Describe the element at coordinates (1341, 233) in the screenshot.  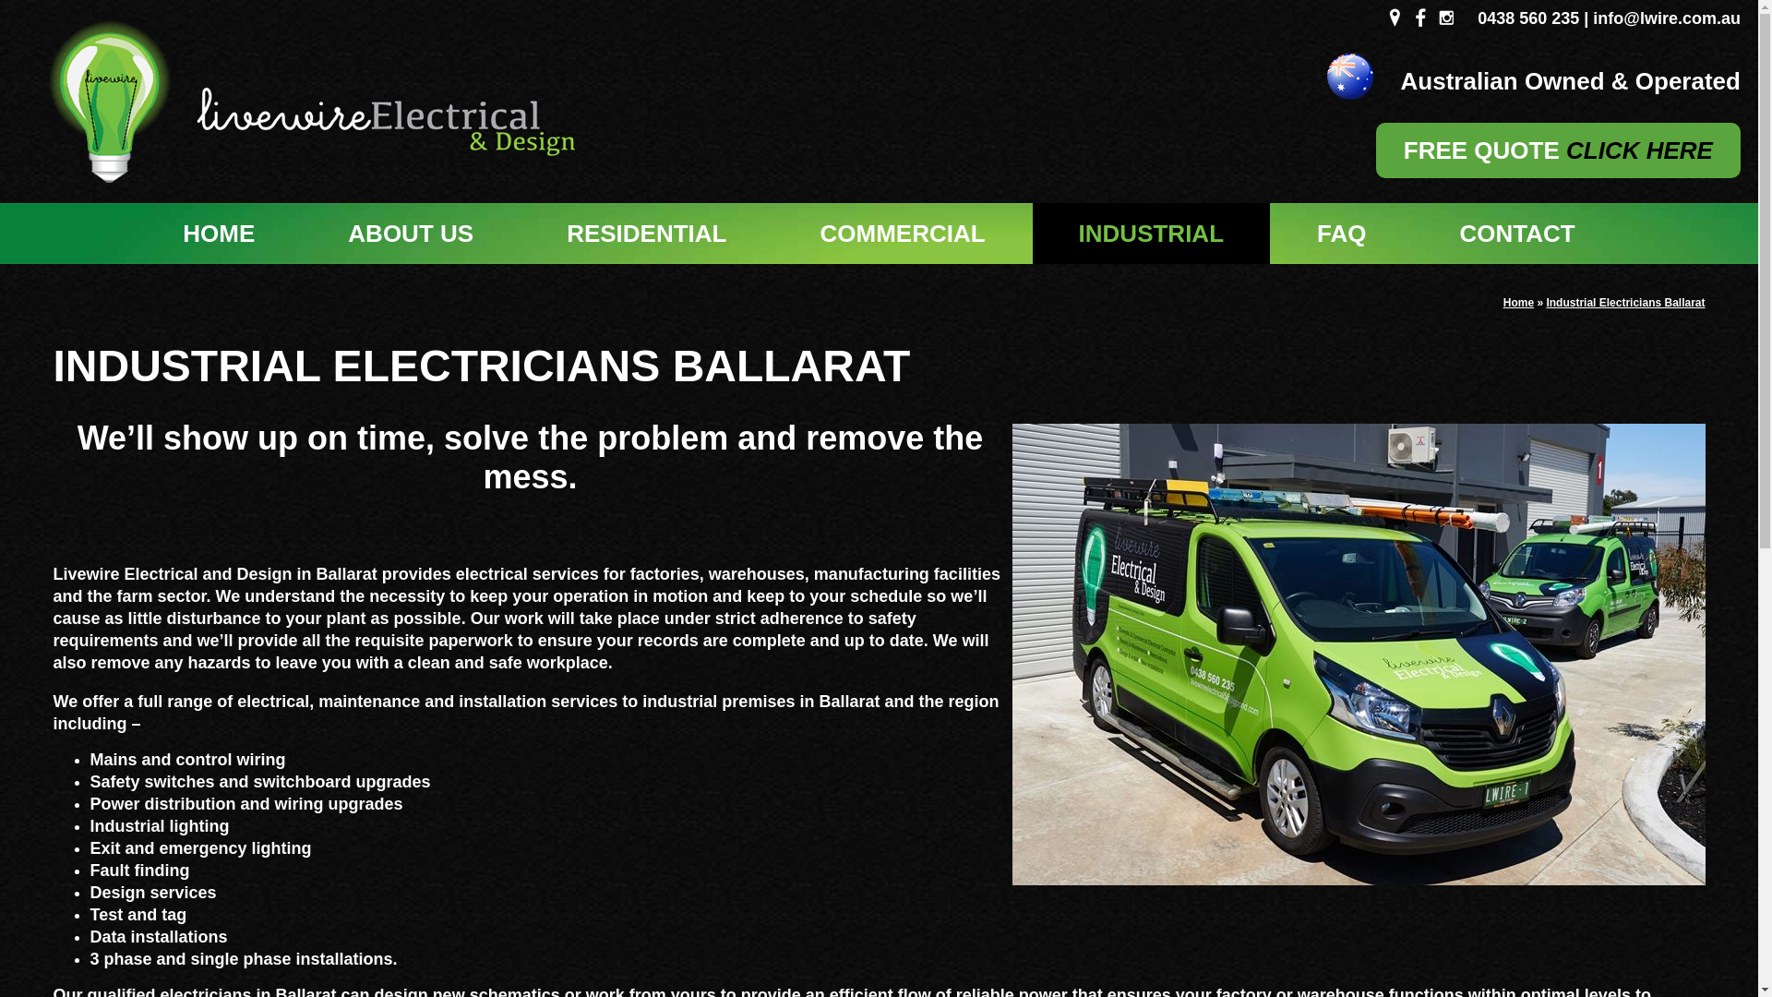
I see `'FAQ'` at that location.